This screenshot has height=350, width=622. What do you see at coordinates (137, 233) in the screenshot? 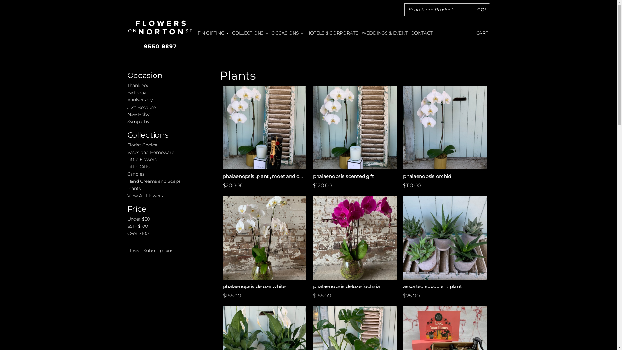
I see `'Over $100'` at bounding box center [137, 233].